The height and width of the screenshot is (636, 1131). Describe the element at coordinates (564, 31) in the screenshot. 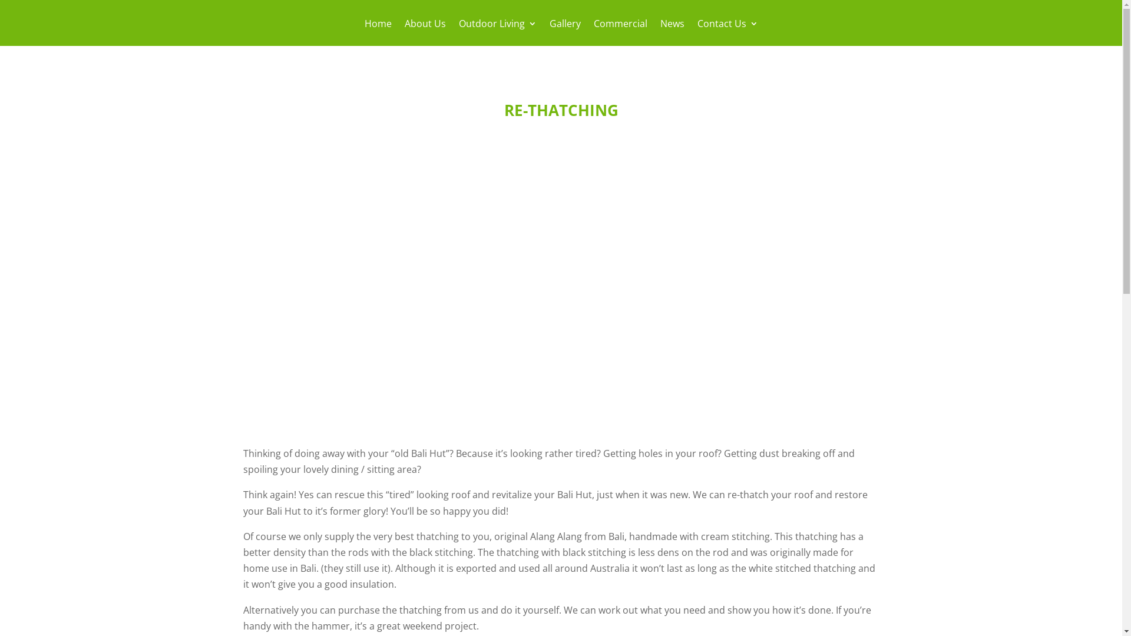

I see `'Gallery'` at that location.